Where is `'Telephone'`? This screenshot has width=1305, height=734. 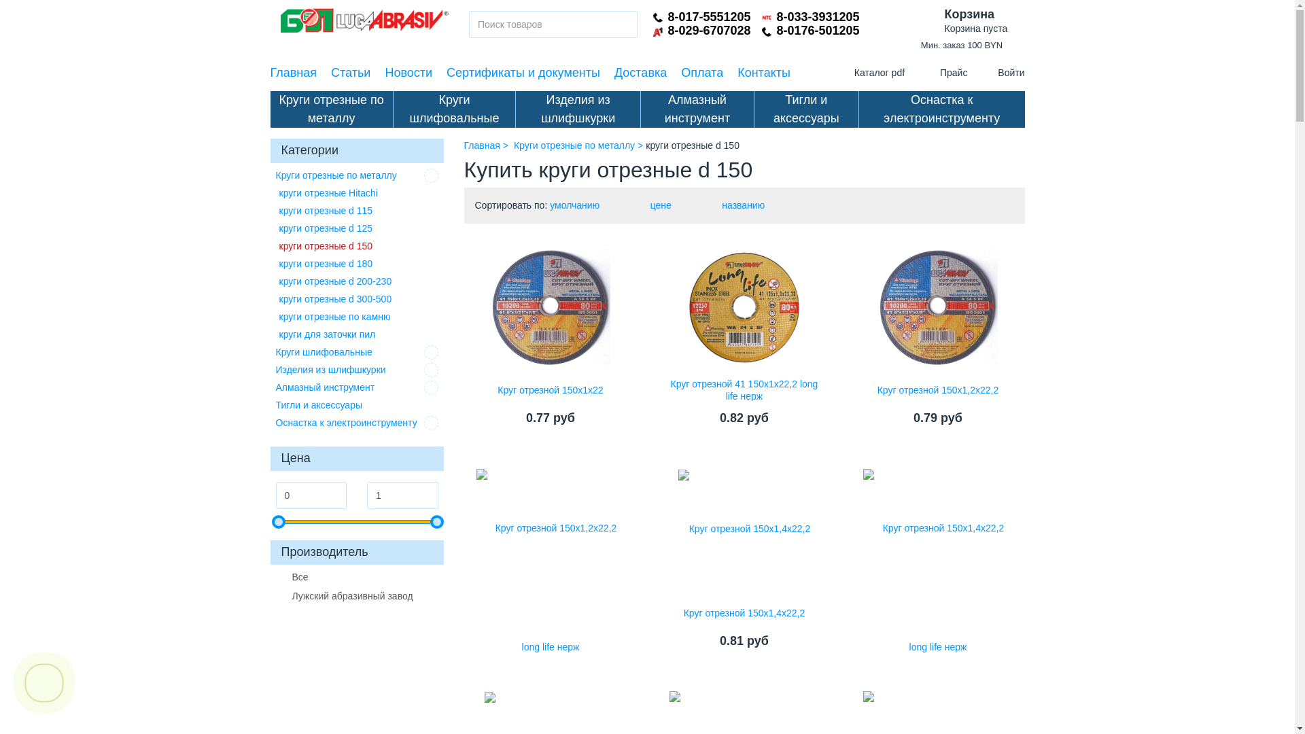 'Telephone' is located at coordinates (650, 18).